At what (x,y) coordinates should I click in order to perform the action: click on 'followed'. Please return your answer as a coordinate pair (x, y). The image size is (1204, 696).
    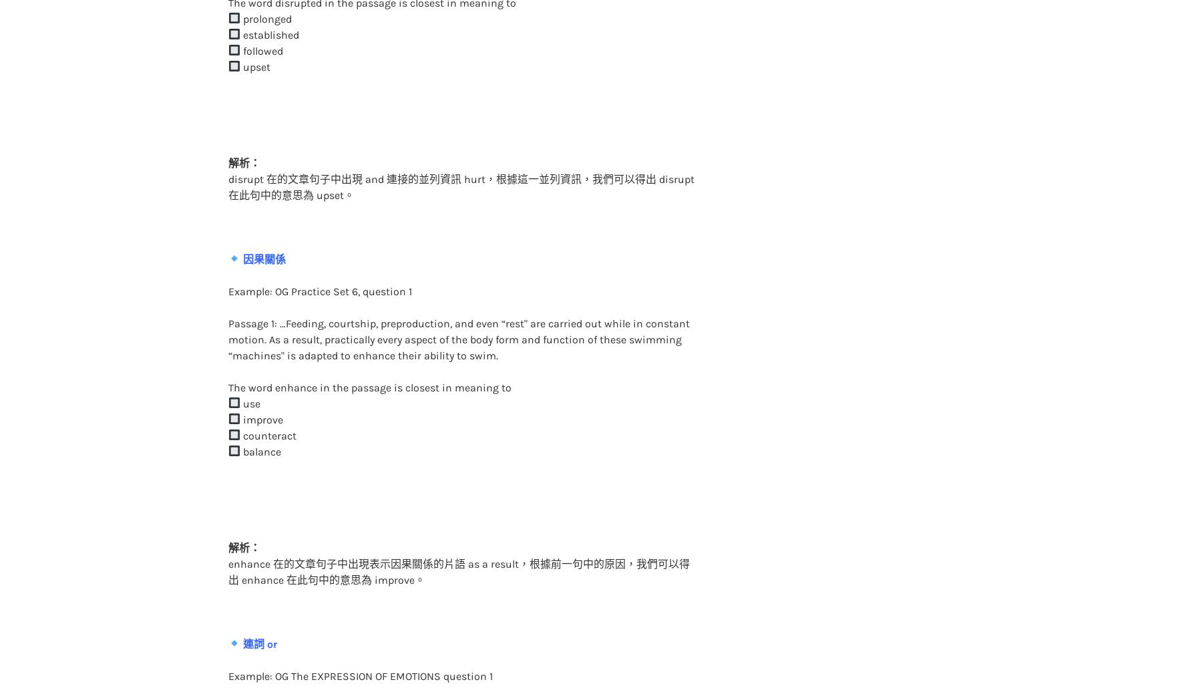
    Looking at the image, I should click on (260, 23).